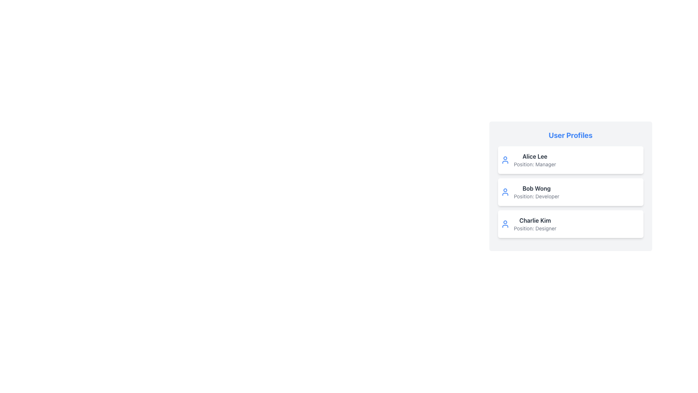 The image size is (698, 393). What do you see at coordinates (570, 192) in the screenshot?
I see `to select the profile card for 'Bob Wong', which is the second item in a vertical list of profile cards` at bounding box center [570, 192].